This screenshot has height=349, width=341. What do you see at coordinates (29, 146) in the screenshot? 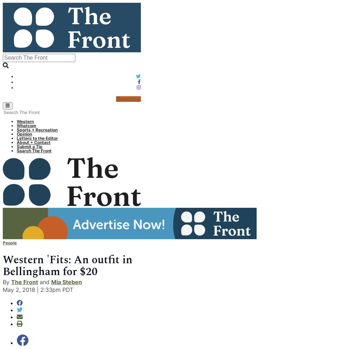
I see `'Submit a Tip'` at bounding box center [29, 146].